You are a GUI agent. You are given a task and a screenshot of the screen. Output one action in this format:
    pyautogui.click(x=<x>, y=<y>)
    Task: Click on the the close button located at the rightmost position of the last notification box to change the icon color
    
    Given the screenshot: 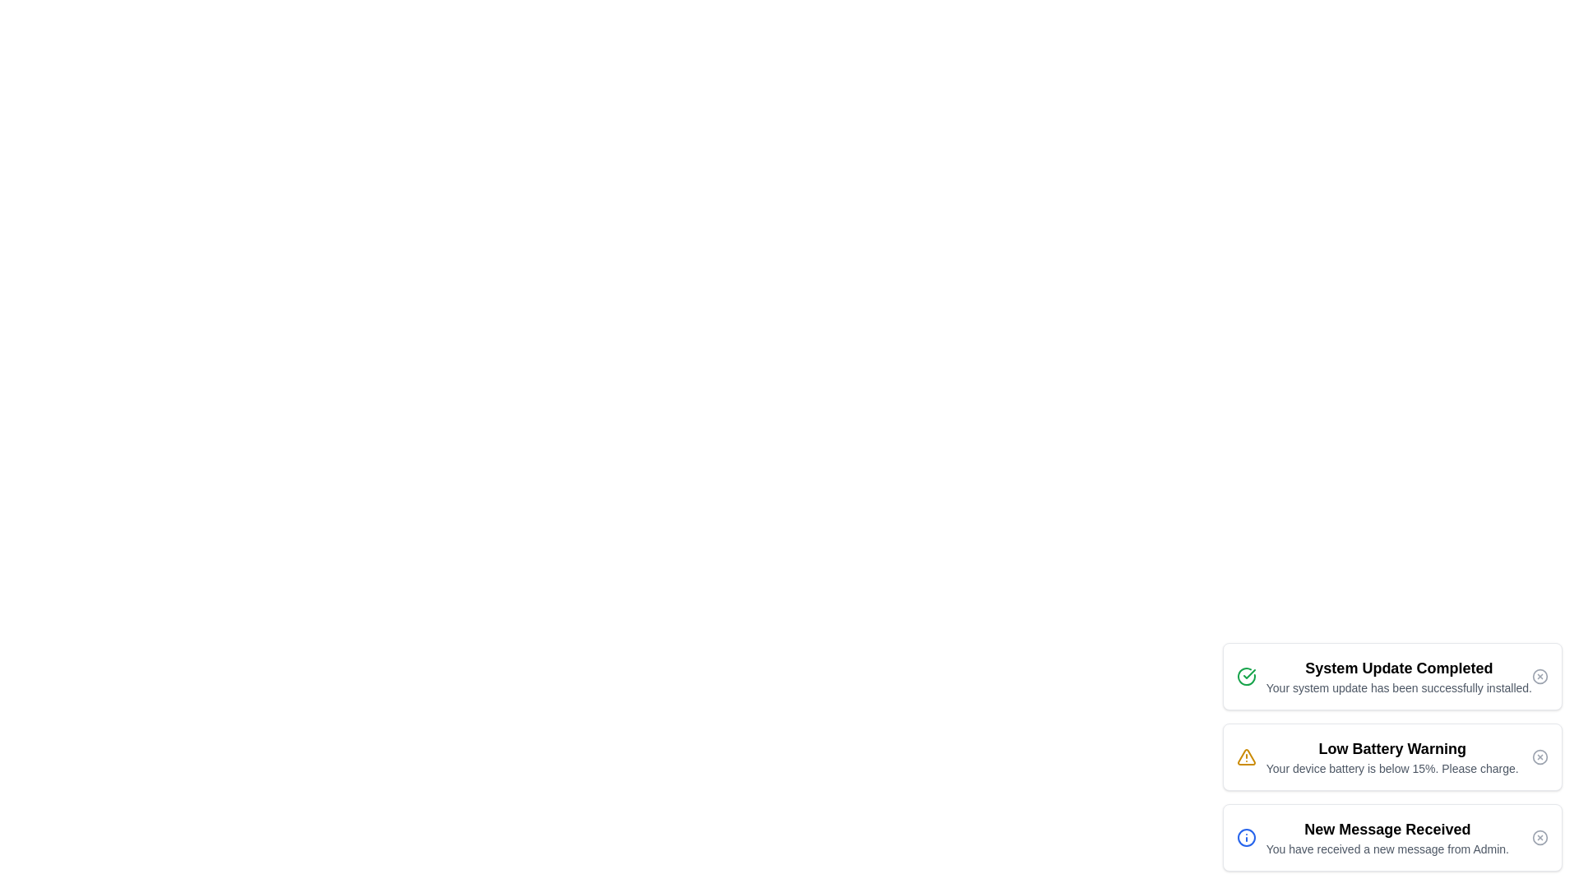 What is the action you would take?
    pyautogui.click(x=1539, y=837)
    